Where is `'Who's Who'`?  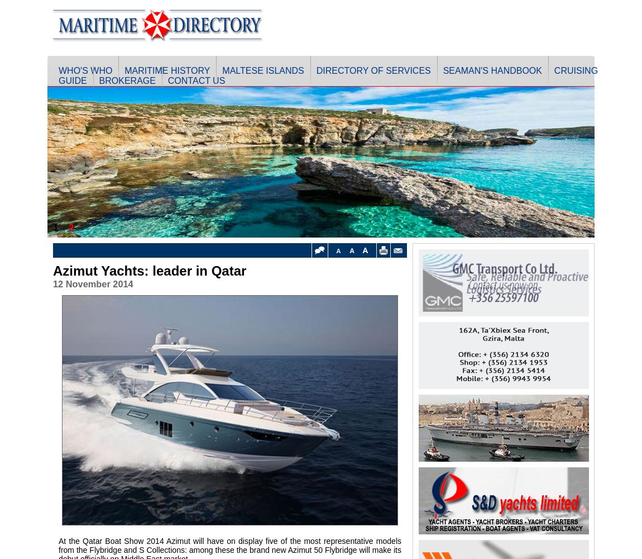 'Who's Who' is located at coordinates (84, 70).